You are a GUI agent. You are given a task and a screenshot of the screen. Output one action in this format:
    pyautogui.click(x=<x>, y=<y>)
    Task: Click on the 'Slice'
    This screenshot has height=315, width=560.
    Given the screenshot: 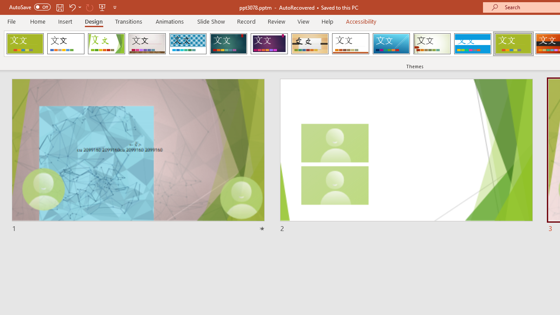 What is the action you would take?
    pyautogui.click(x=391, y=44)
    